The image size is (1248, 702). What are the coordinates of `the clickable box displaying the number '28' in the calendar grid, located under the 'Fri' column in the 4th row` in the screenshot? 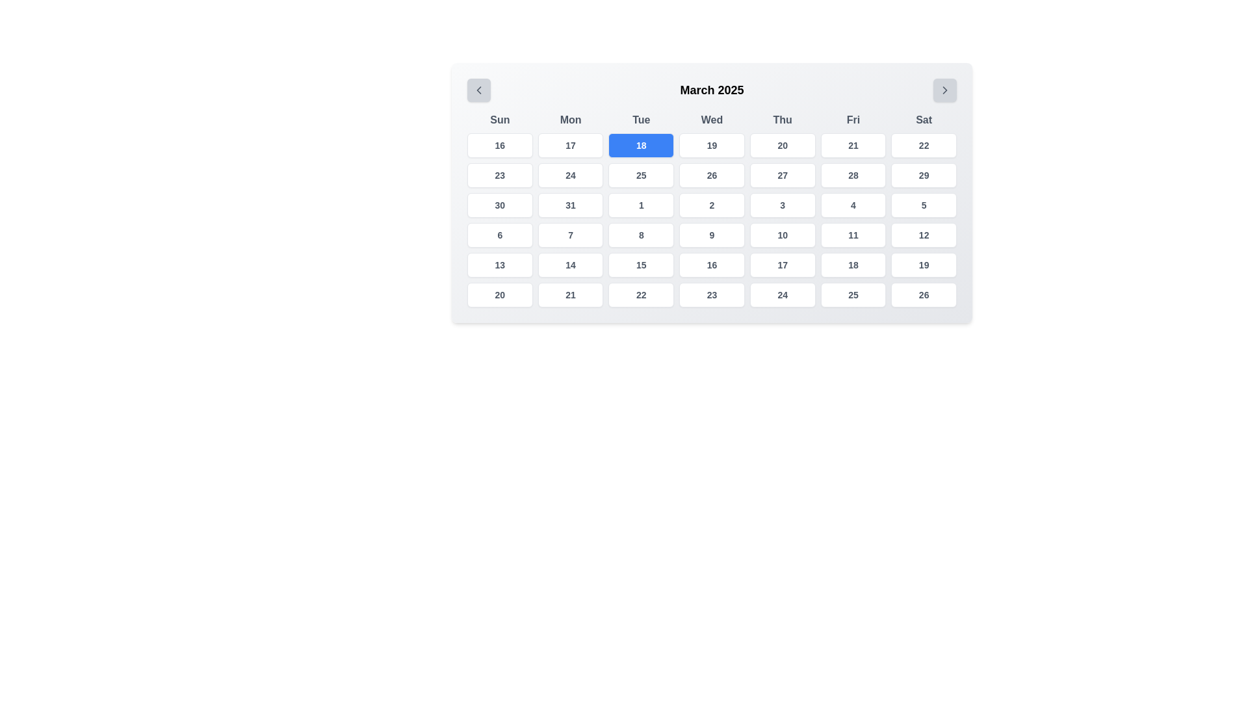 It's located at (853, 175).